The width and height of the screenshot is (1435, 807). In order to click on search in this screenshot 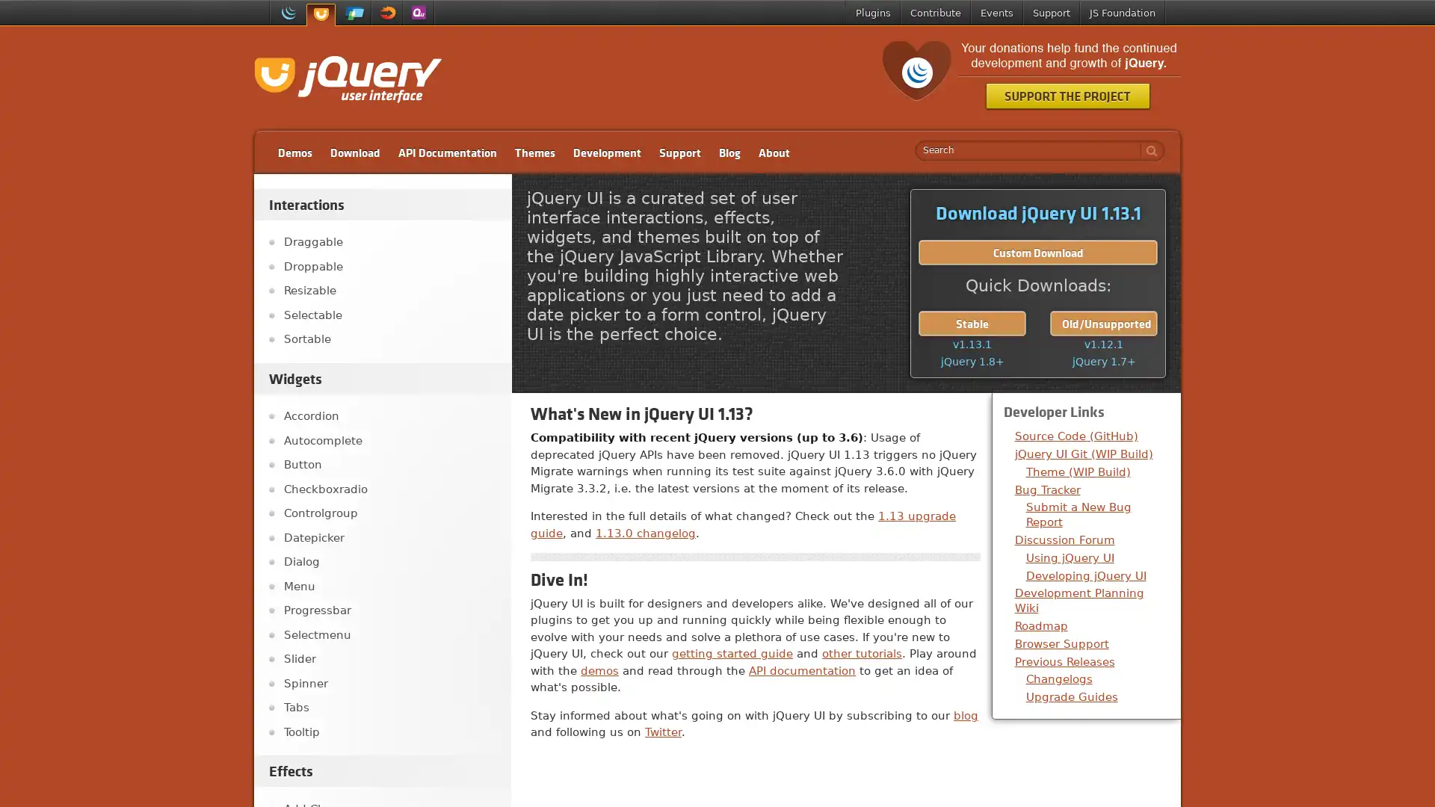, I will do `click(1147, 150)`.